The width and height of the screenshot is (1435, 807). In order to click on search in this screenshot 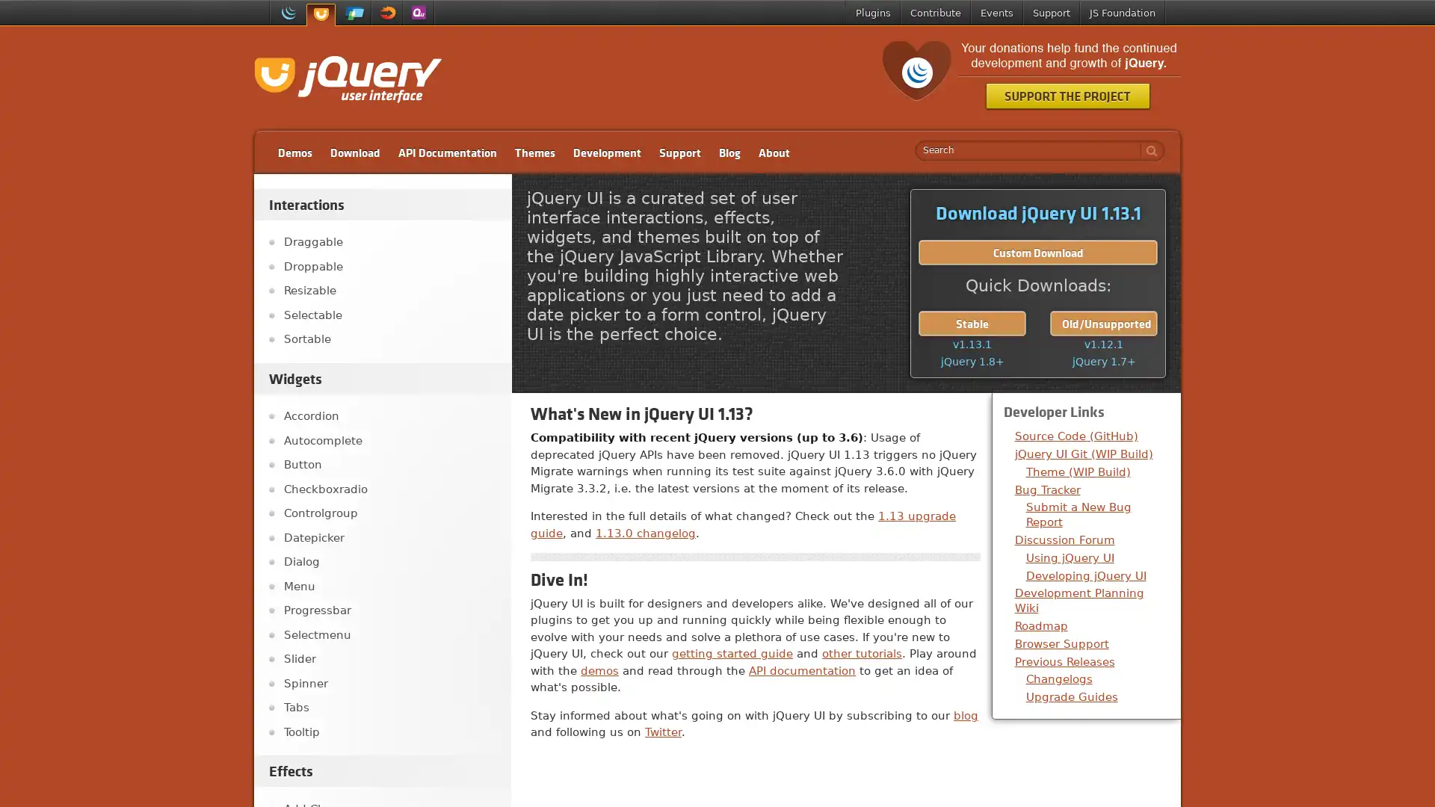, I will do `click(1147, 150)`.